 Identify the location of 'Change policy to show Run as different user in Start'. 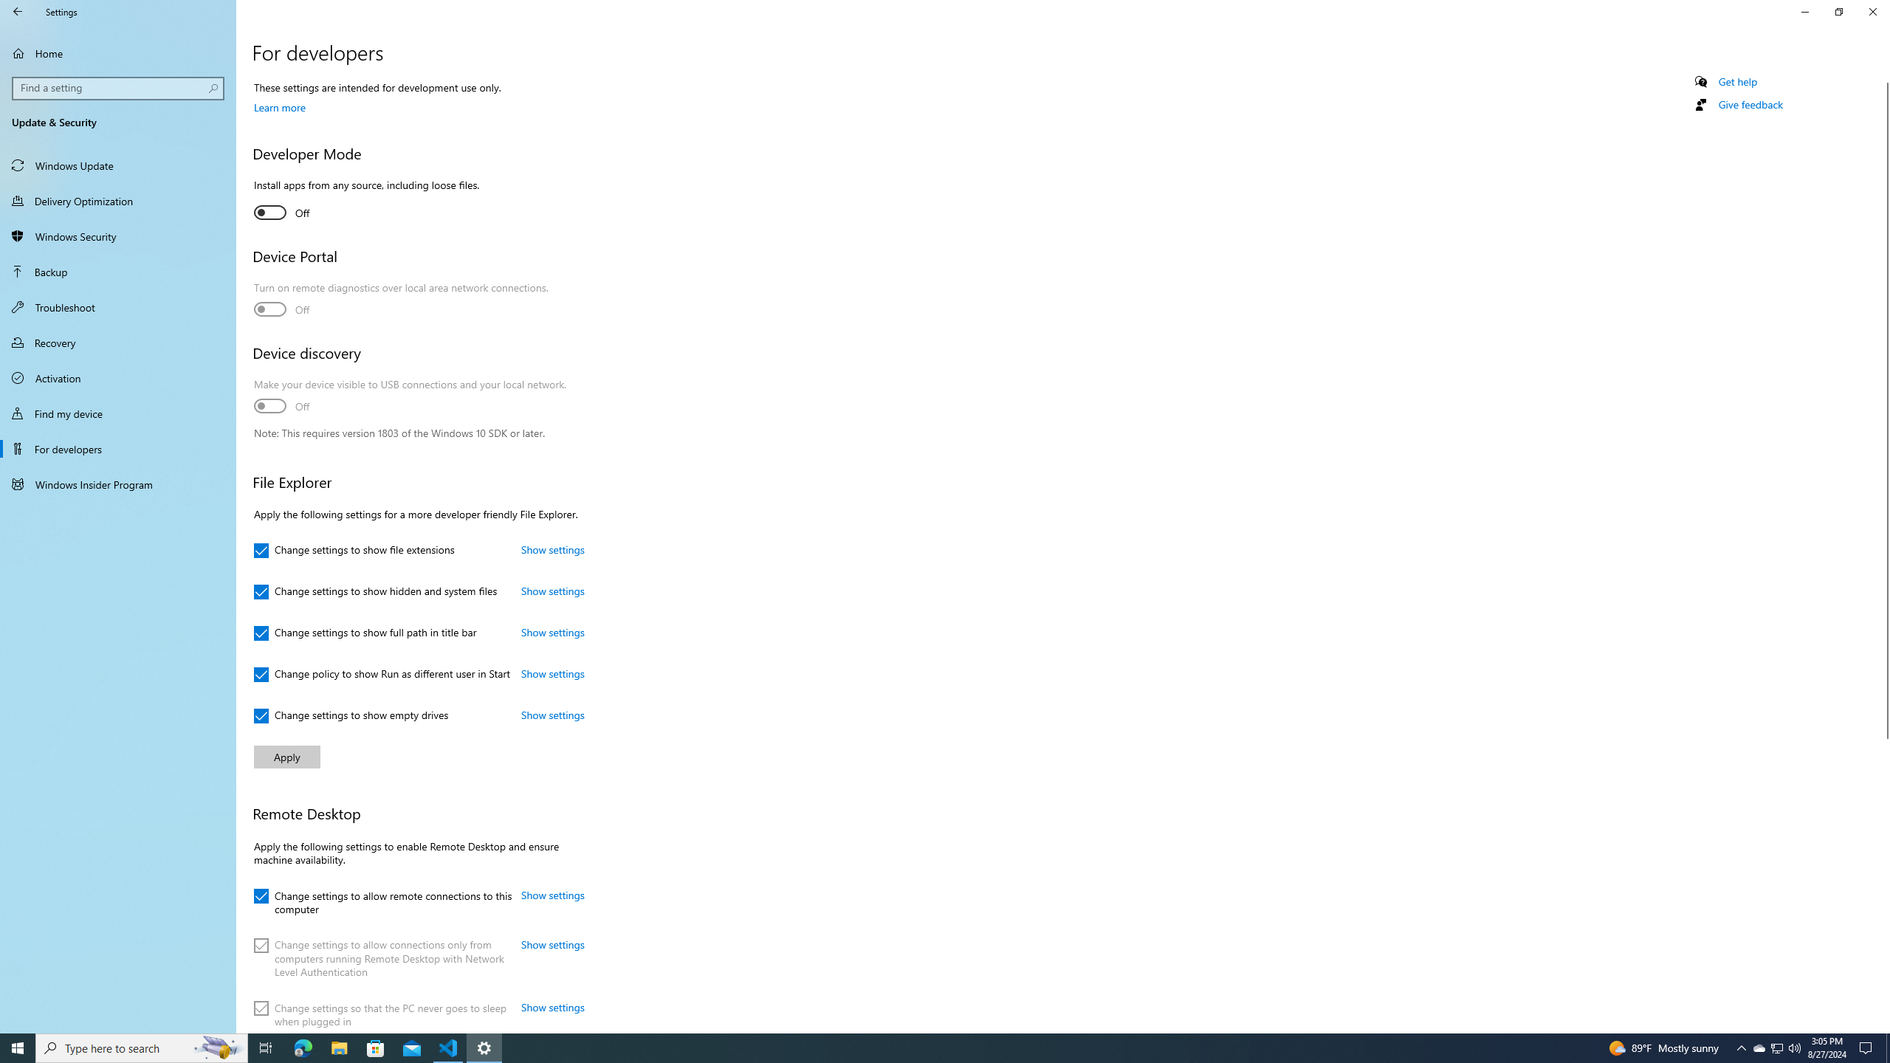
(382, 675).